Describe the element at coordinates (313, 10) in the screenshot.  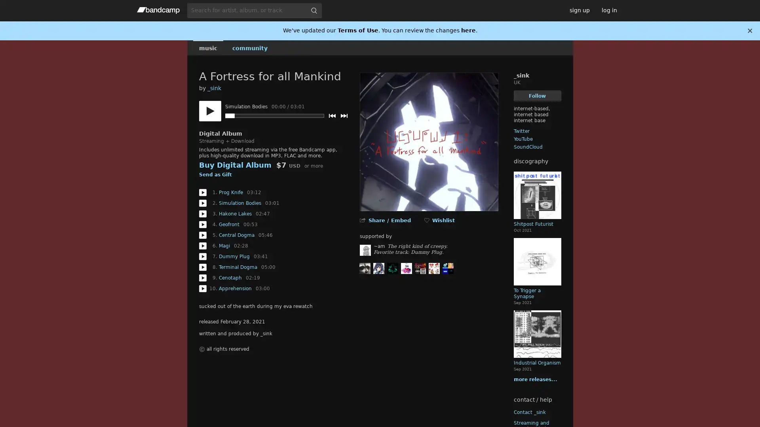
I see `submit for full search page` at that location.